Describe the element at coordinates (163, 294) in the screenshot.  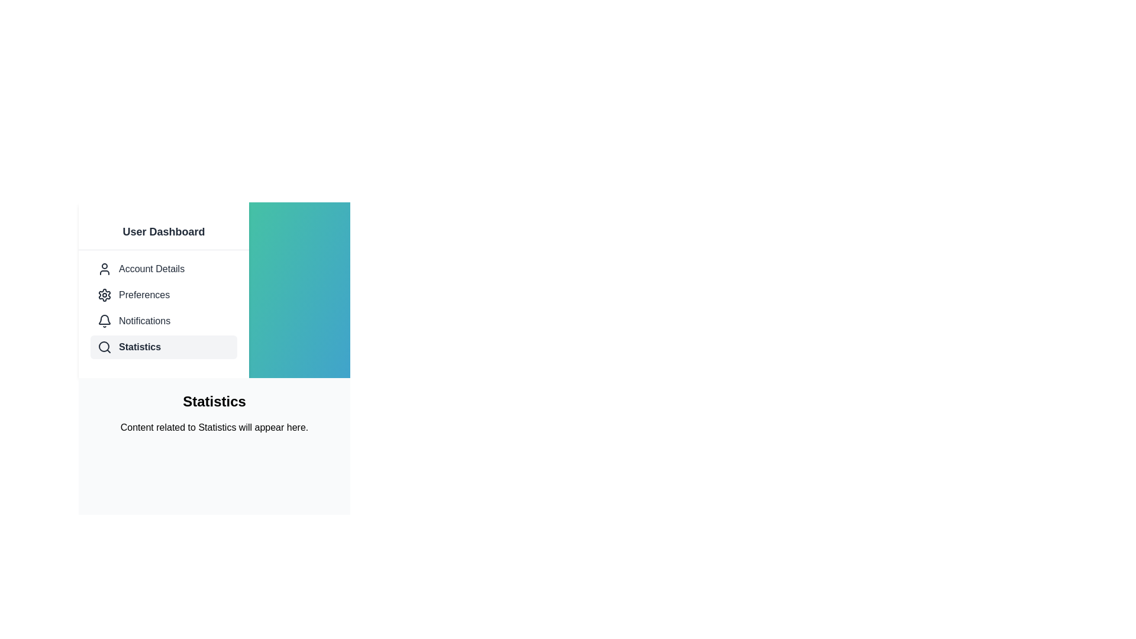
I see `the second button-like interactive list item in the navigation panel` at that location.